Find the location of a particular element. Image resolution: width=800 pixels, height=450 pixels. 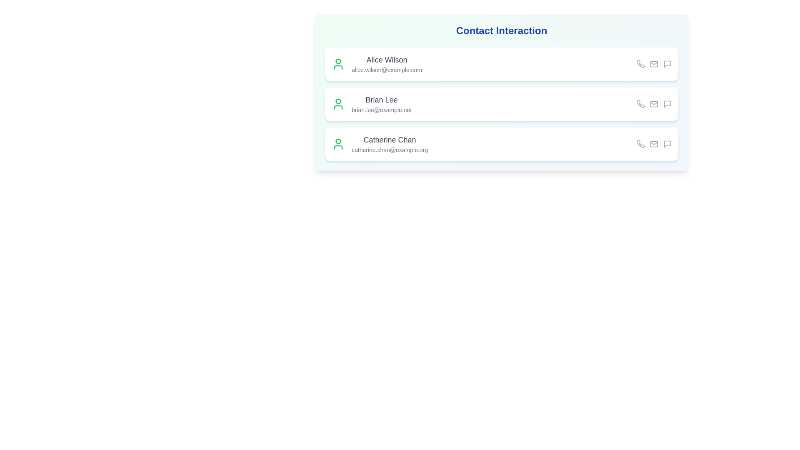

the user icon for the contact Alice Wilson is located at coordinates (338, 64).